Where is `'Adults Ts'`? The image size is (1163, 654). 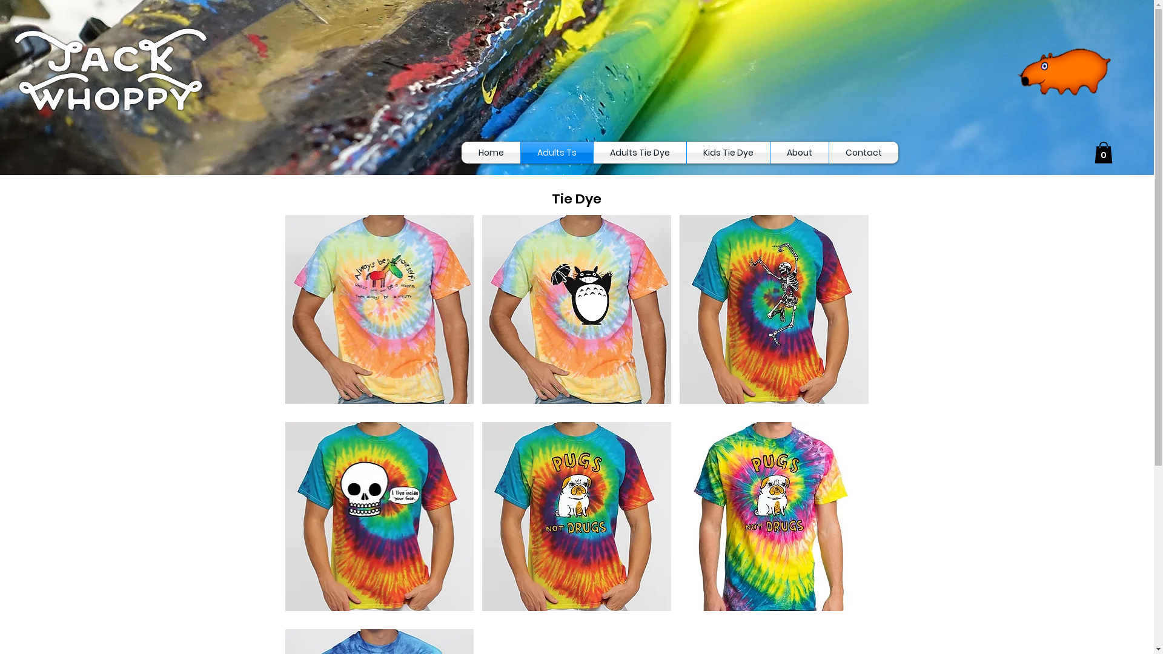
'Adults Ts' is located at coordinates (556, 151).